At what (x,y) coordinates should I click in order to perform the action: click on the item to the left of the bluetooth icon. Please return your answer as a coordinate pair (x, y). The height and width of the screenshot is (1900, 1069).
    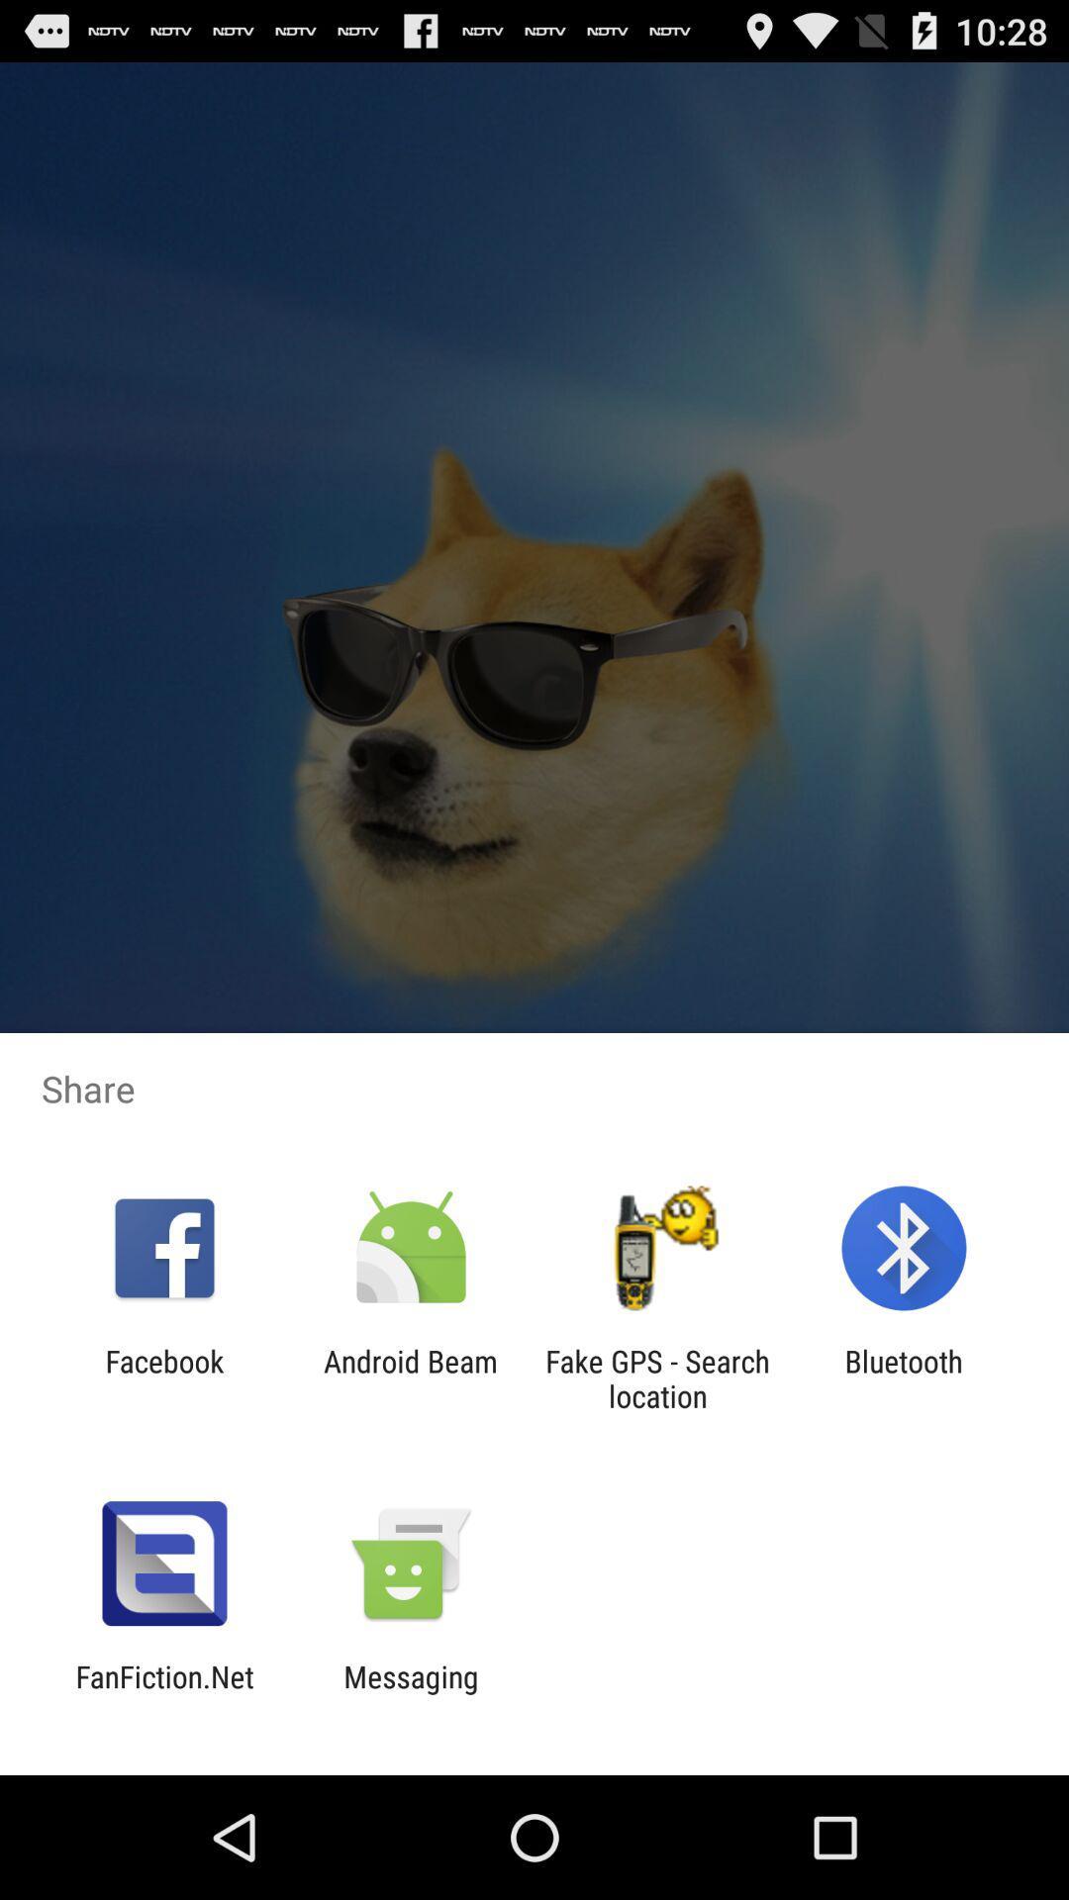
    Looking at the image, I should click on (657, 1377).